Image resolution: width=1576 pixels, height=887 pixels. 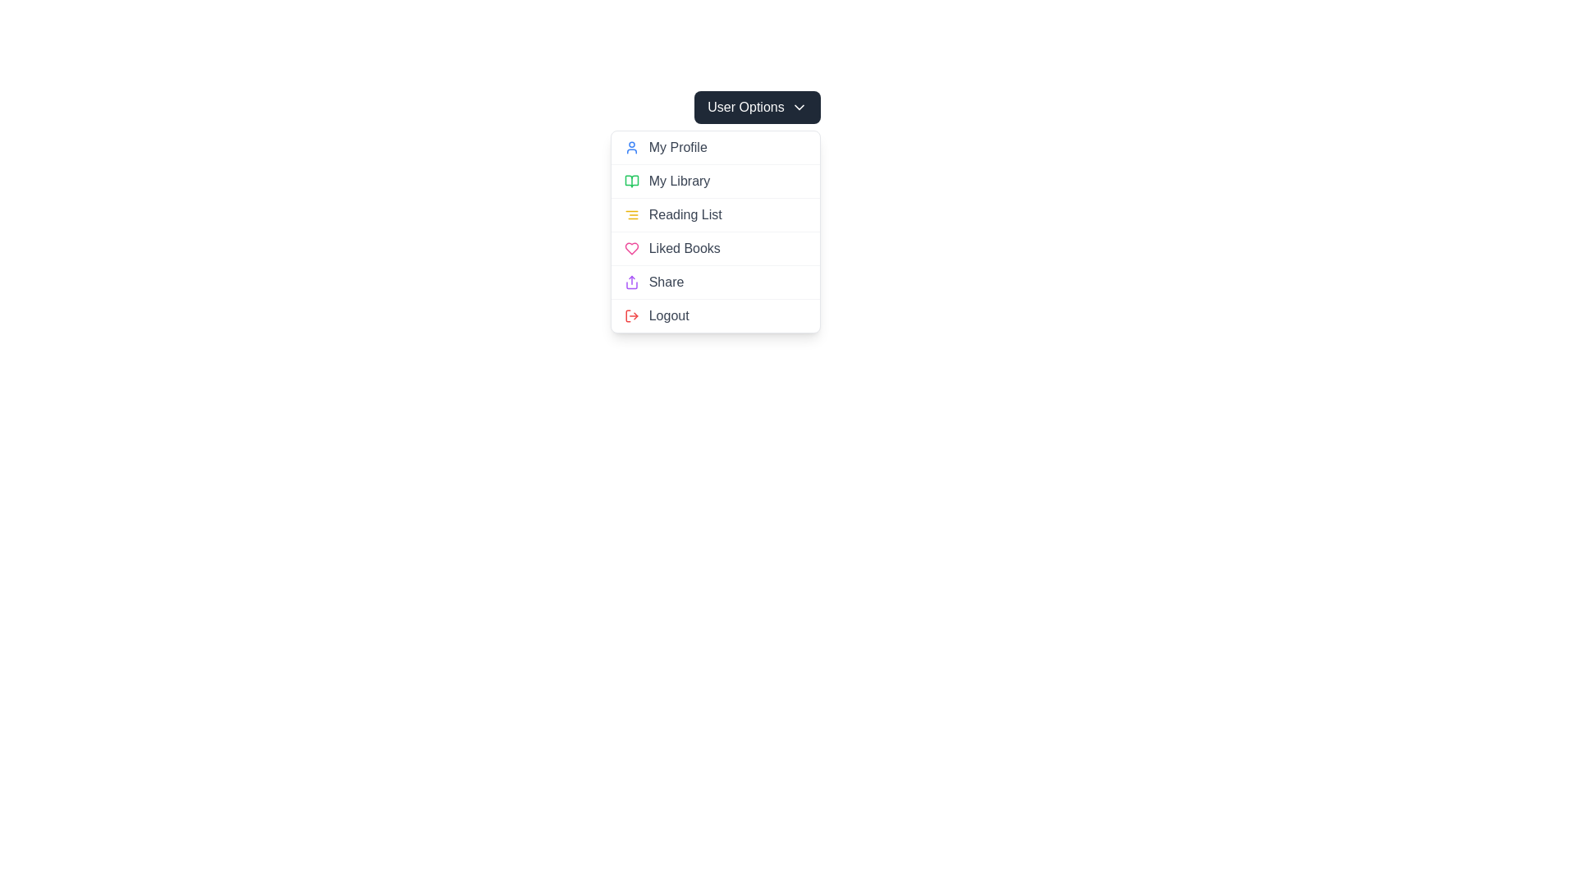 I want to click on the 'My Library' SVG icon located in the dropdown panel, which visually represents the 'My Library' menu option for user recognition, so click(x=630, y=181).